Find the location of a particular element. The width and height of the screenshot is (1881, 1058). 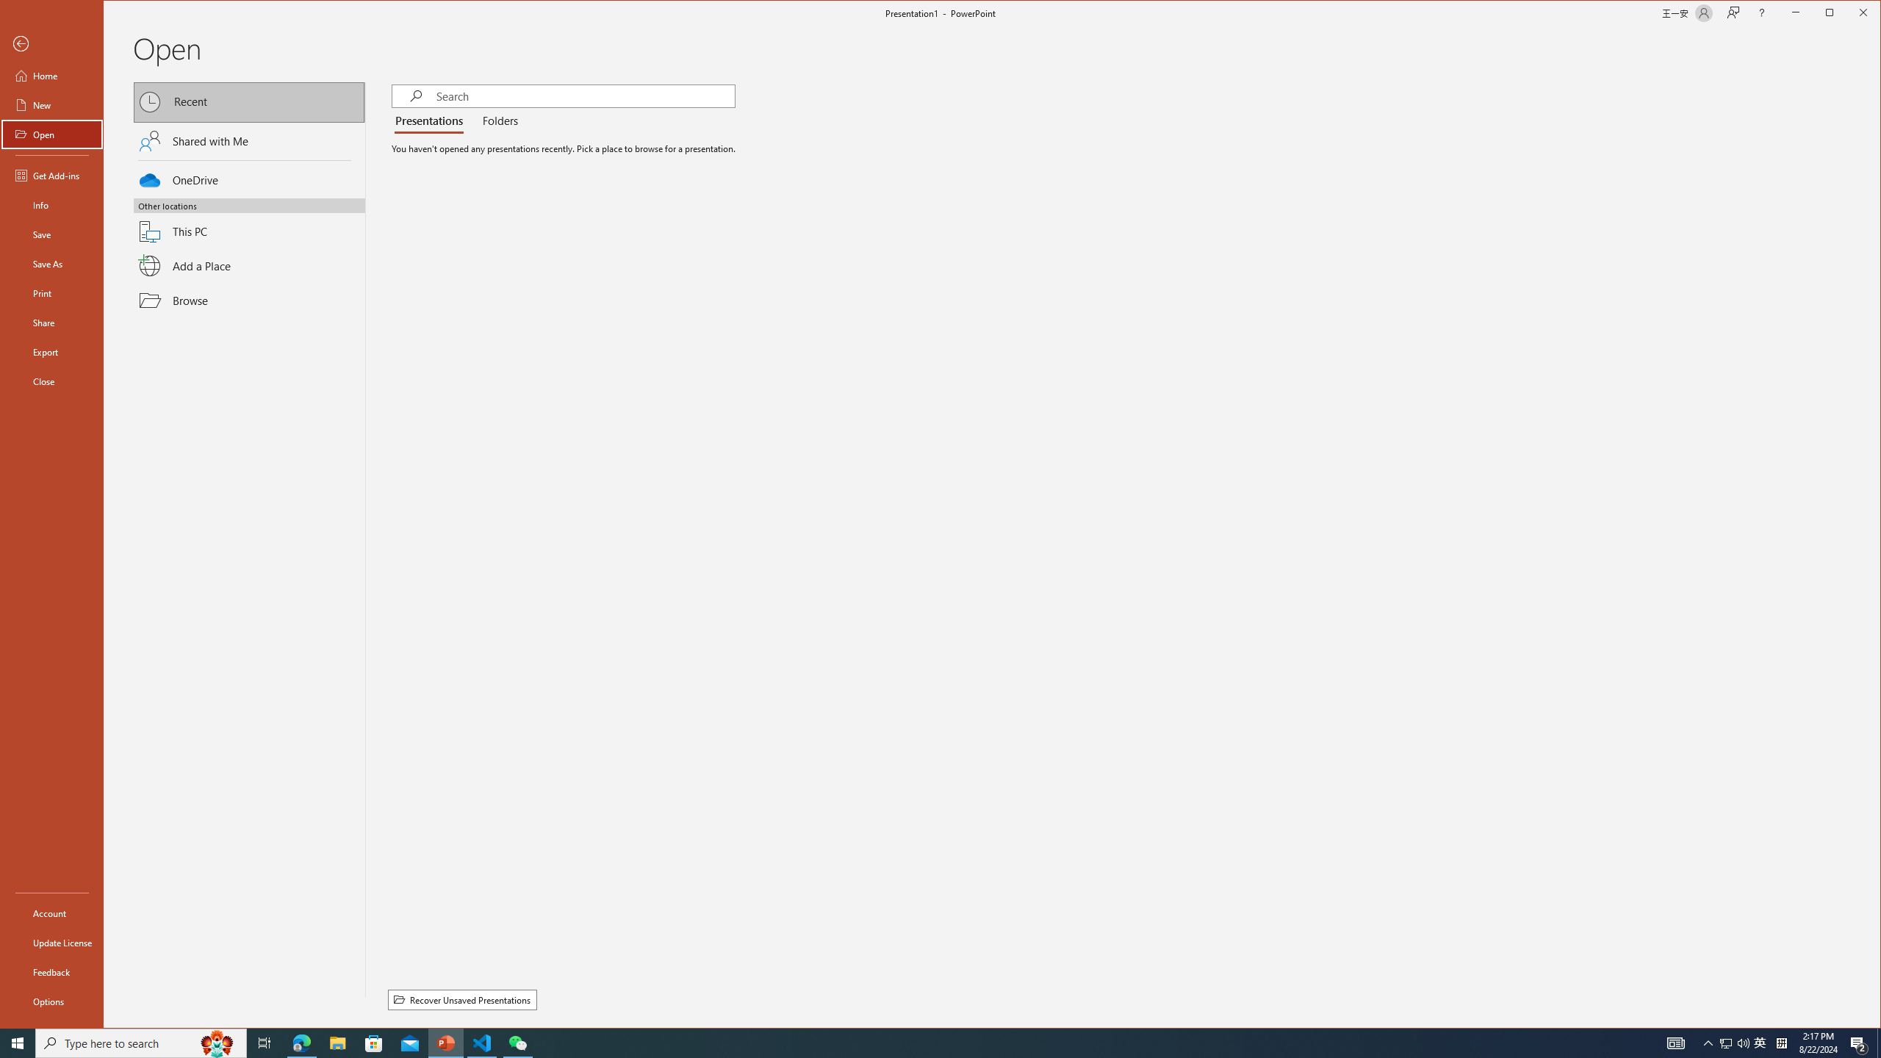

'New' is located at coordinates (51, 104).